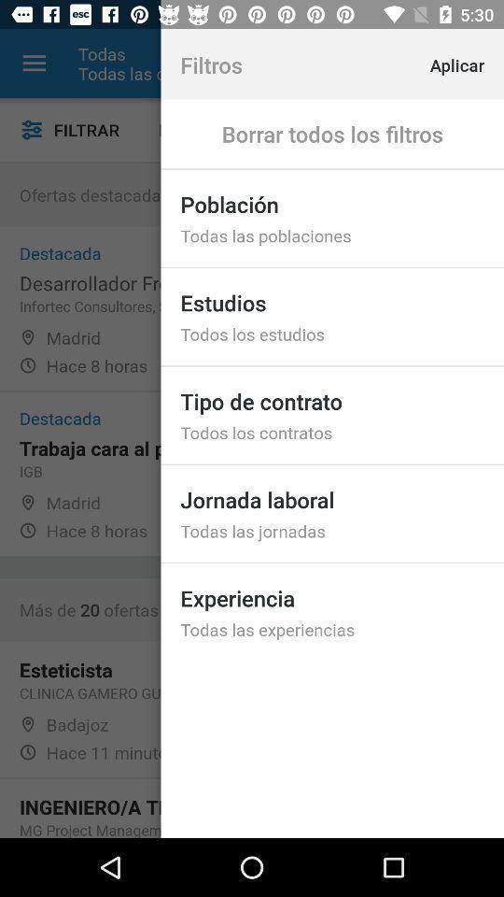 This screenshot has height=897, width=504. I want to click on icon next to filtros item, so click(474, 64).